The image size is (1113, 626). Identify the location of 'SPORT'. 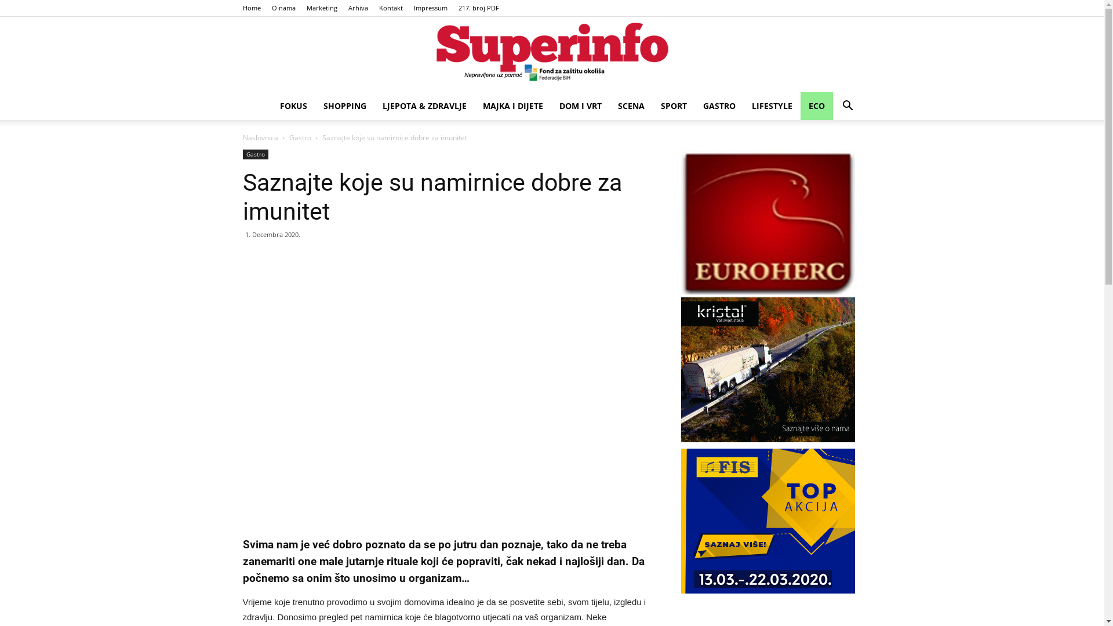
(674, 105).